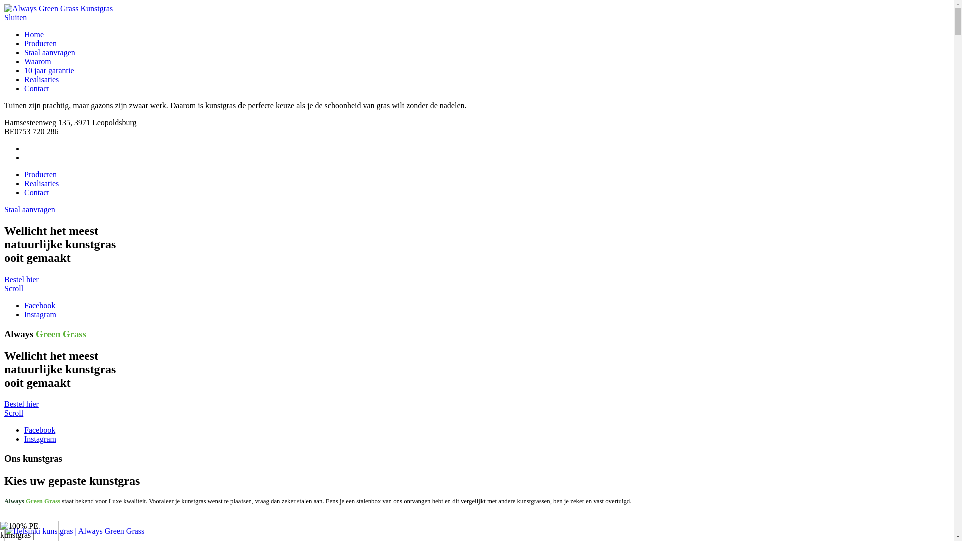  What do you see at coordinates (49, 52) in the screenshot?
I see `'Staal aanvragen'` at bounding box center [49, 52].